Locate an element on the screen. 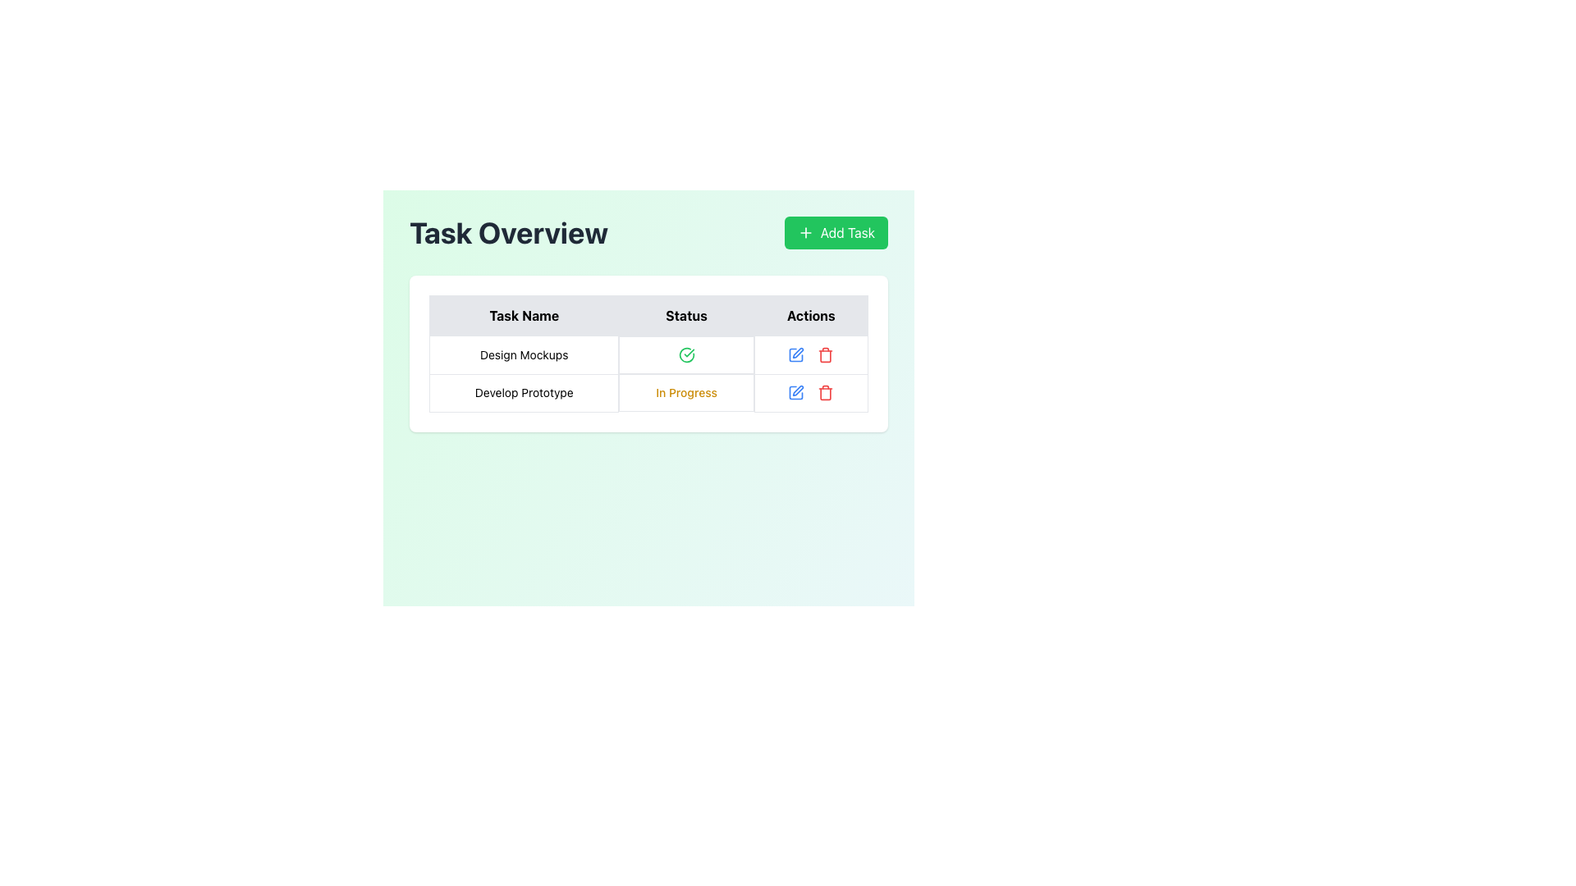 Image resolution: width=1576 pixels, height=886 pixels. the edit icon in the 'Actions' column of the first row in the 'Task Overview' table is located at coordinates (795, 354).